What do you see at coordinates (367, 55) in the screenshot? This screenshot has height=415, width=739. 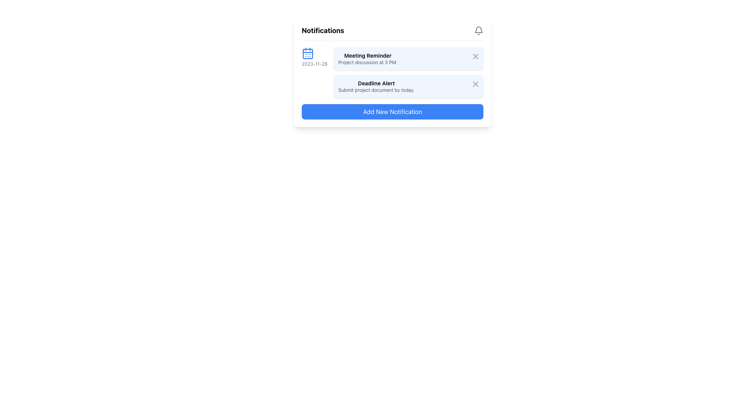 I see `the 'Meeting Reminder' text label, which is displayed in bold black font on a light-blue background, located in the top notification card of the modal interface` at bounding box center [367, 55].